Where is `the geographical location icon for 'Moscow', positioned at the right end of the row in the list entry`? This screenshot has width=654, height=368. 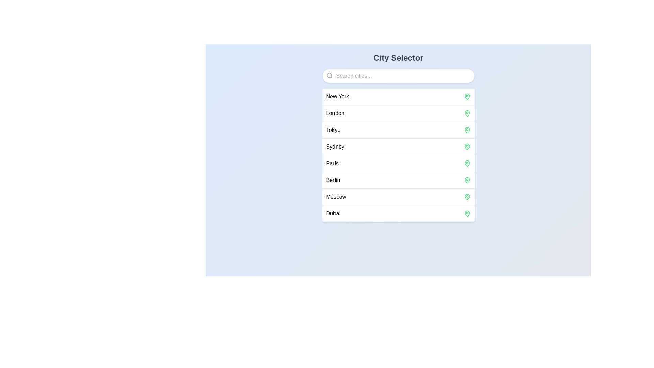 the geographical location icon for 'Moscow', positioned at the right end of the row in the list entry is located at coordinates (467, 197).